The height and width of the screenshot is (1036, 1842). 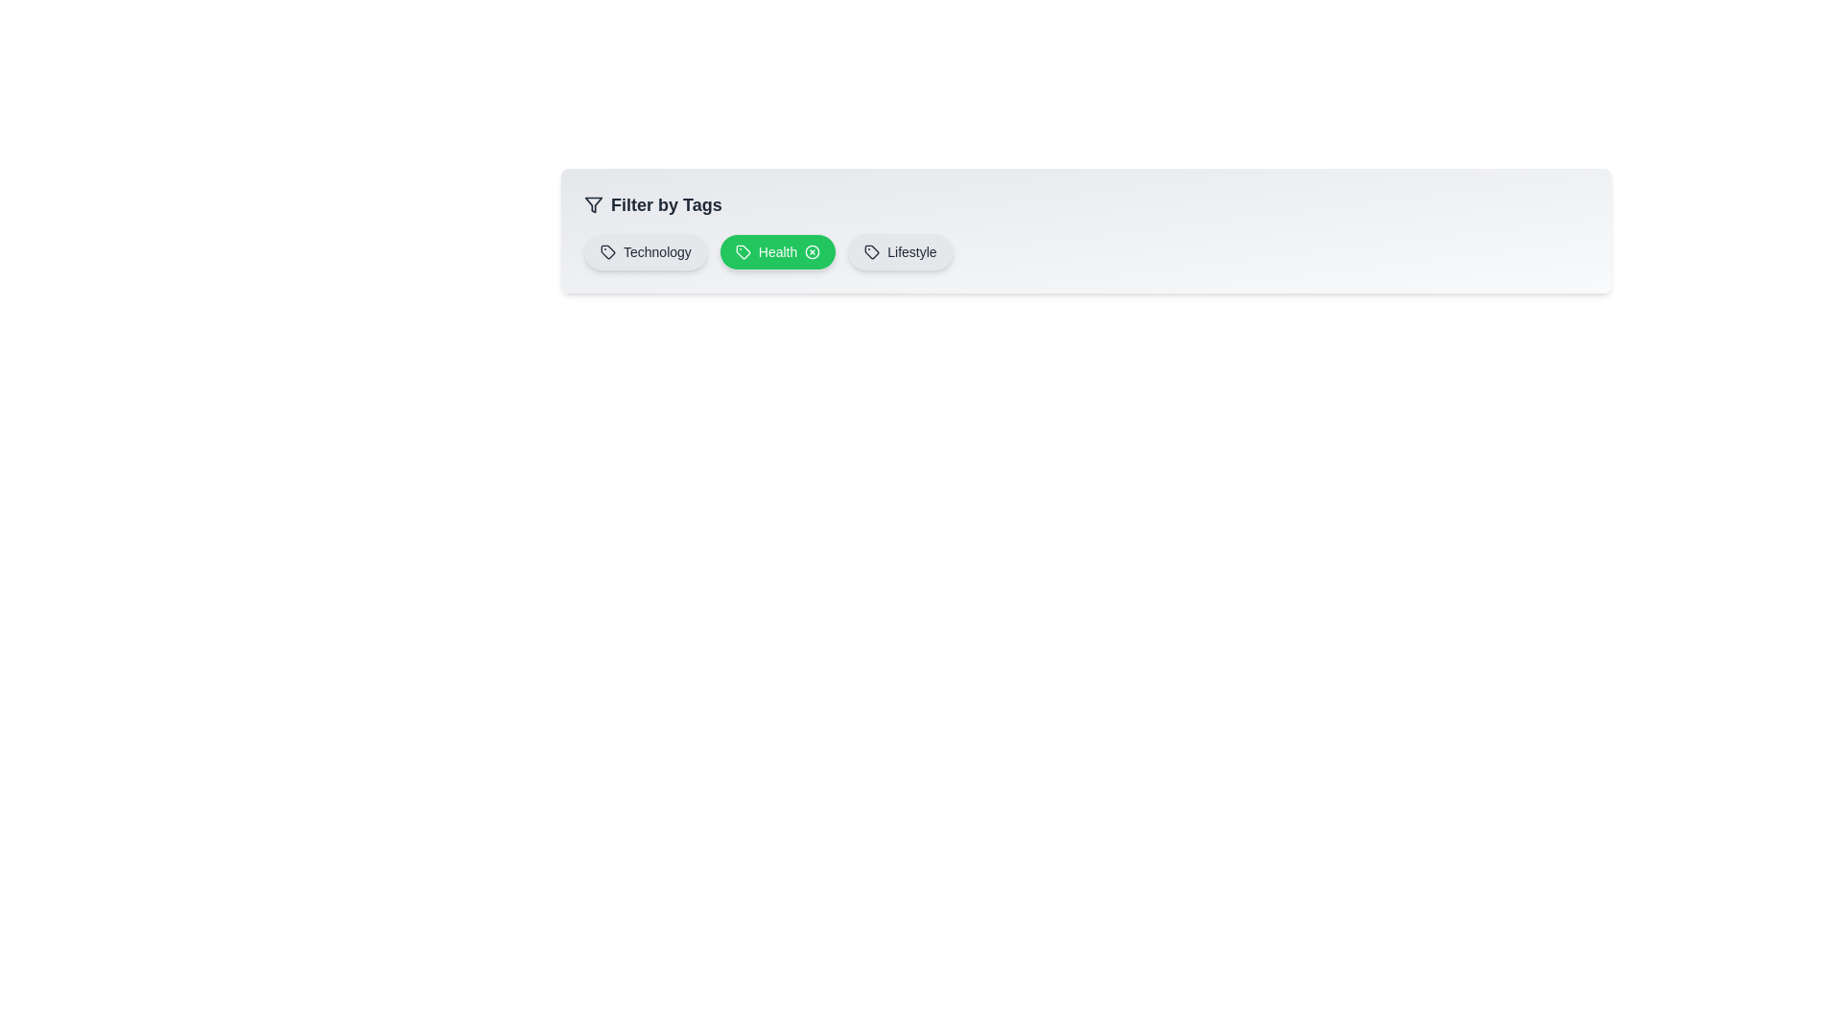 What do you see at coordinates (593, 204) in the screenshot?
I see `the filter icon to open the filter options` at bounding box center [593, 204].